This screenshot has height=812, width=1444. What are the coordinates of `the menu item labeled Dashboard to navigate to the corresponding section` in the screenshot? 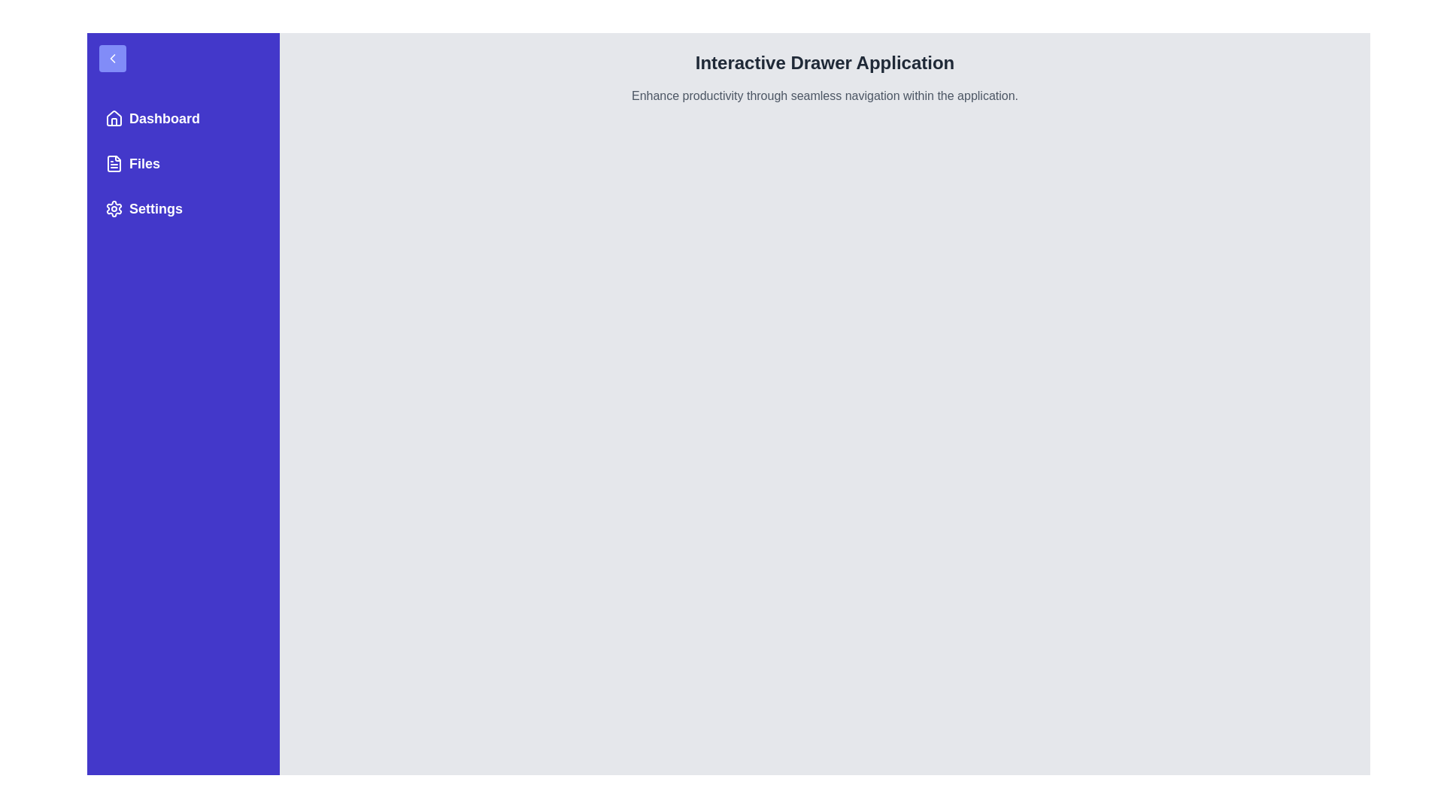 It's located at (183, 118).